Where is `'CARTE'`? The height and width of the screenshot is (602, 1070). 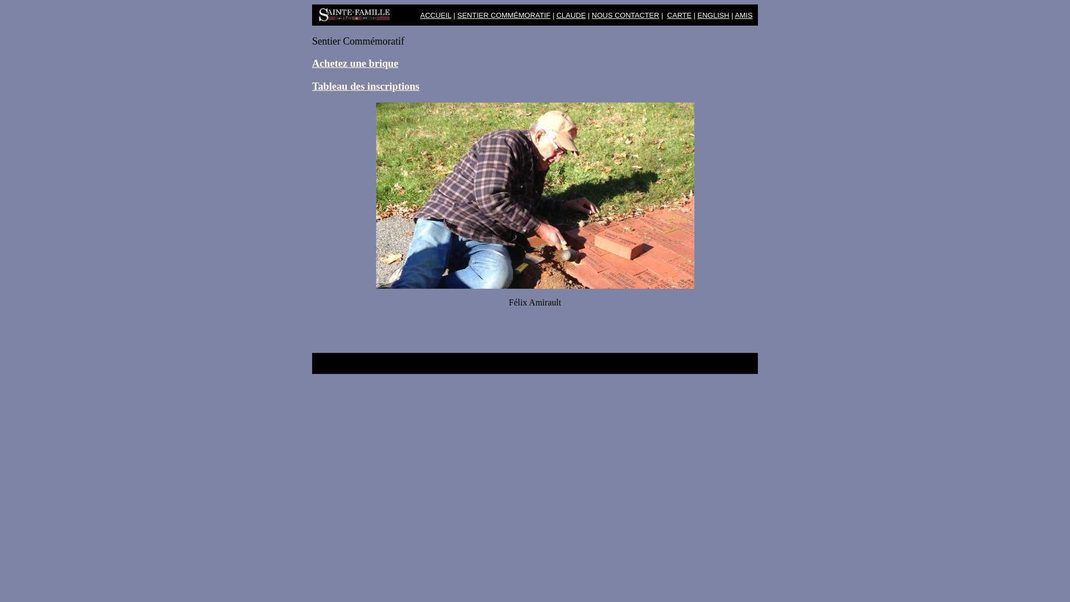
'CARTE' is located at coordinates (679, 15).